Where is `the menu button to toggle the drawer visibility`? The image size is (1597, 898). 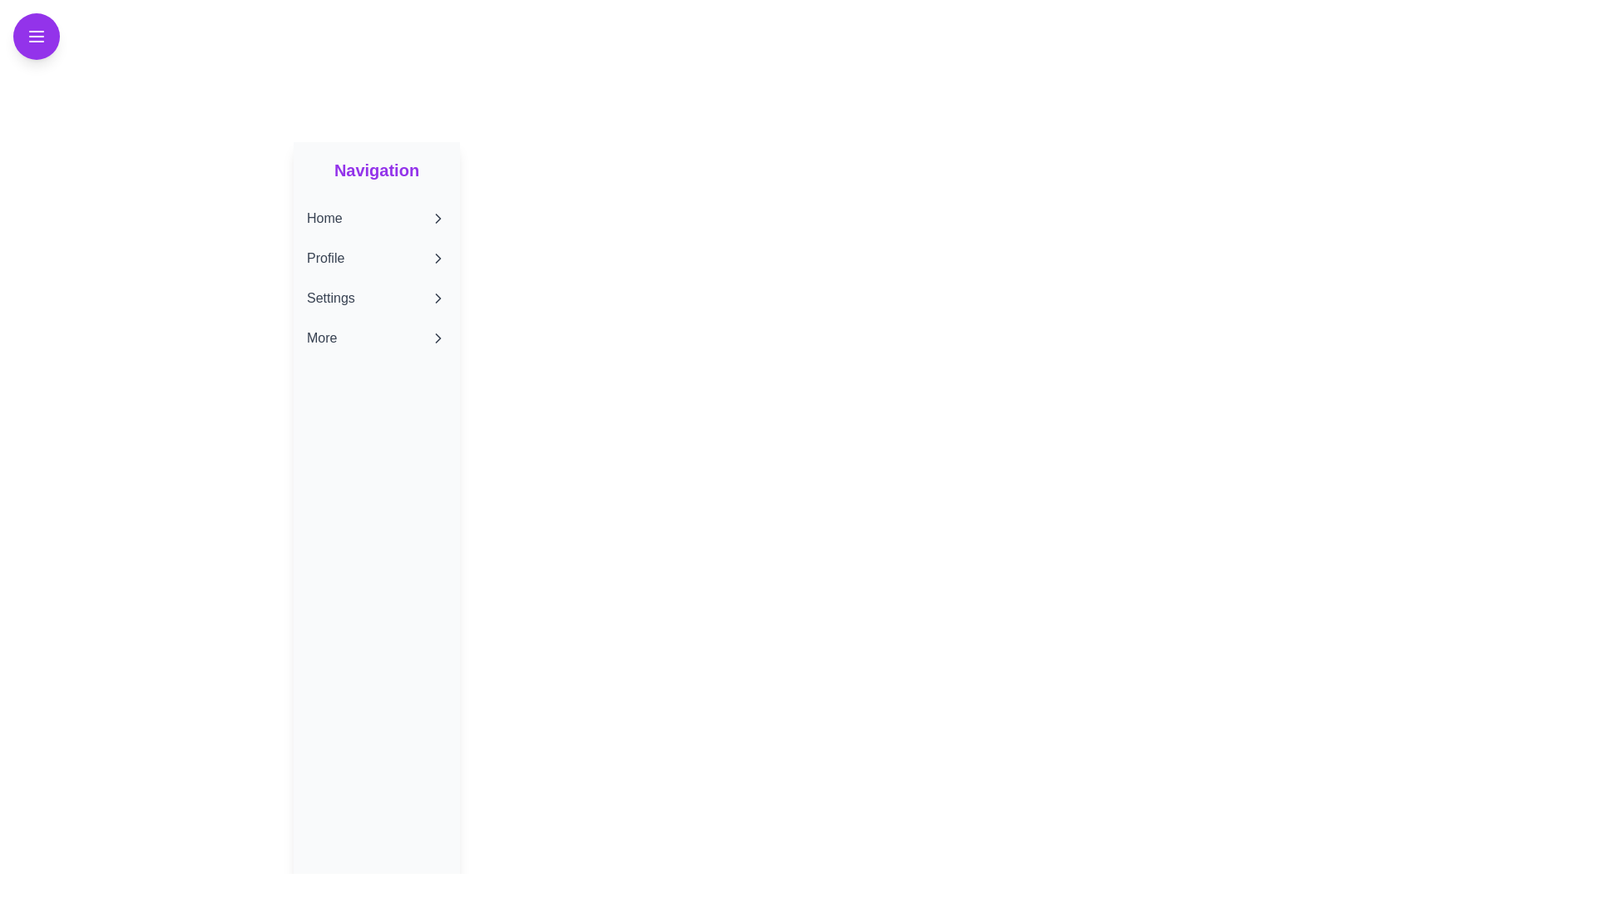 the menu button to toggle the drawer visibility is located at coordinates (36, 36).